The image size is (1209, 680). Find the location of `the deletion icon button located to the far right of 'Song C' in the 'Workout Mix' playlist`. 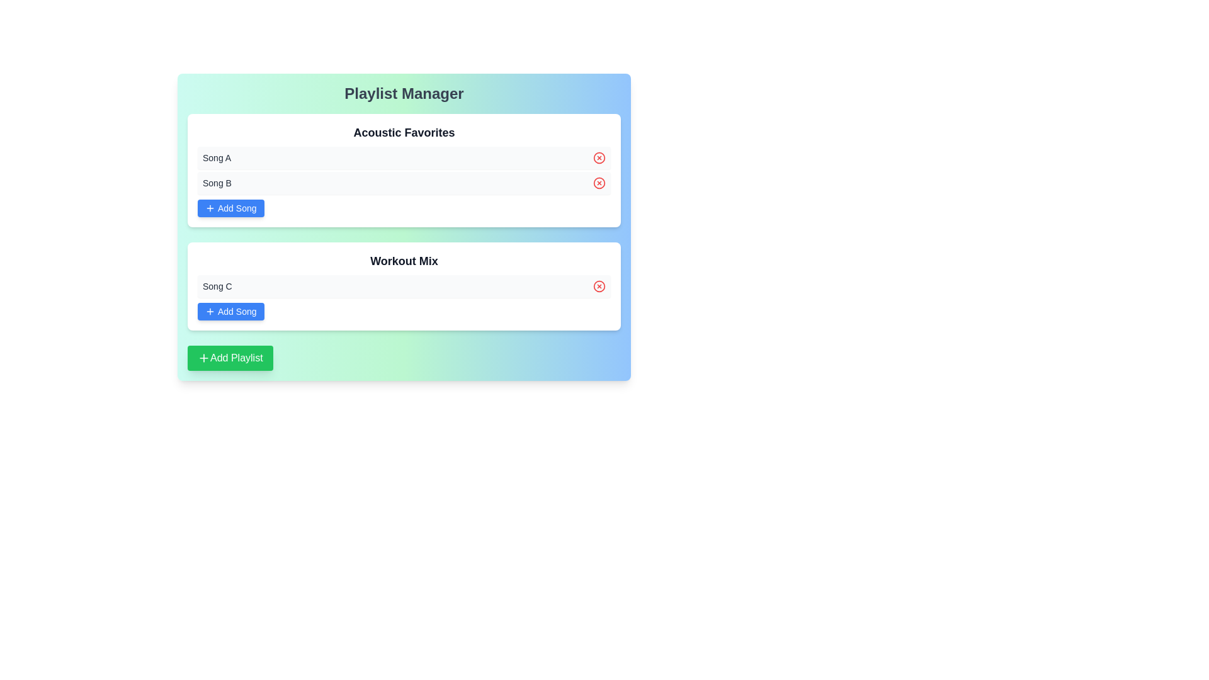

the deletion icon button located to the far right of 'Song C' in the 'Workout Mix' playlist is located at coordinates (598, 286).